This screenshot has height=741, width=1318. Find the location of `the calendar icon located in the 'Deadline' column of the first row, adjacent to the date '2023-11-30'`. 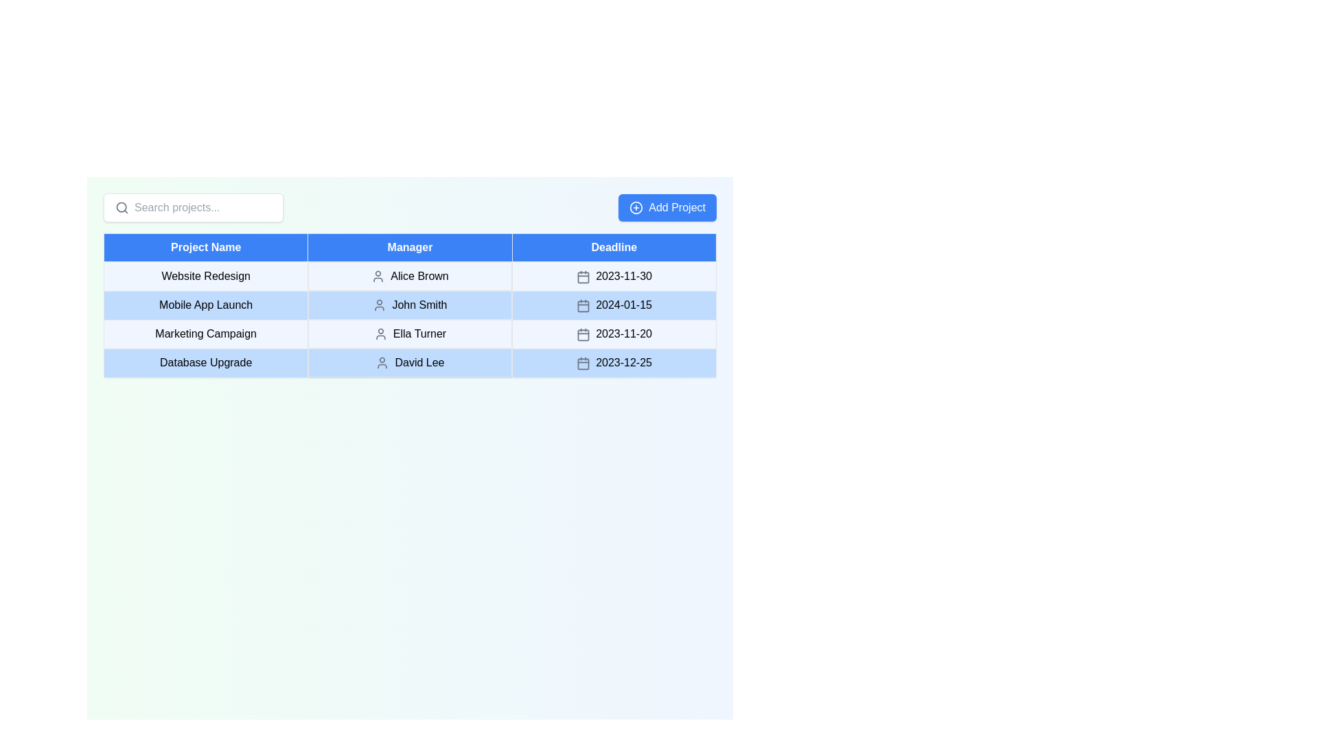

the calendar icon located in the 'Deadline' column of the first row, adjacent to the date '2023-11-30' is located at coordinates (583, 277).